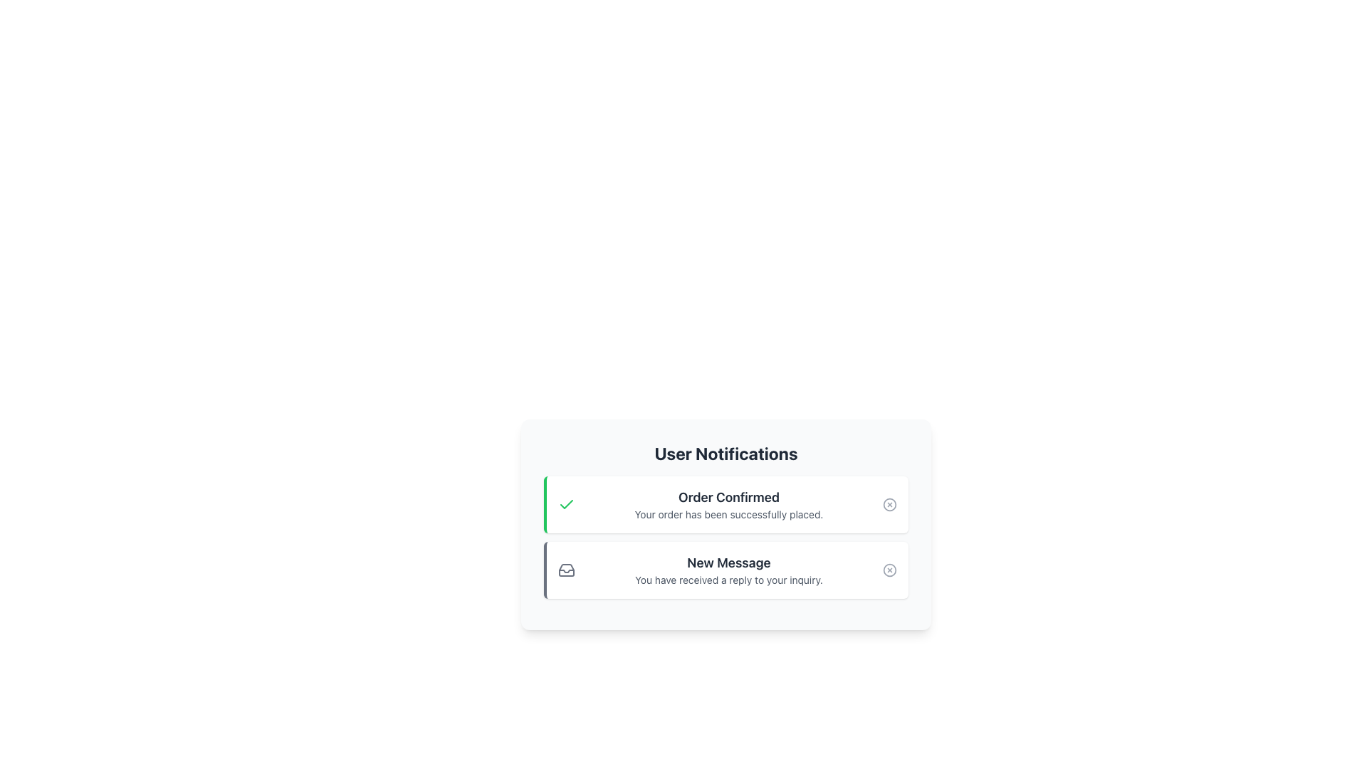 The image size is (1367, 769). I want to click on the gray-outline inbox icon located within the 'New Message' notification card, which is positioned towards the left side of the card and precedes the text content, so click(566, 570).